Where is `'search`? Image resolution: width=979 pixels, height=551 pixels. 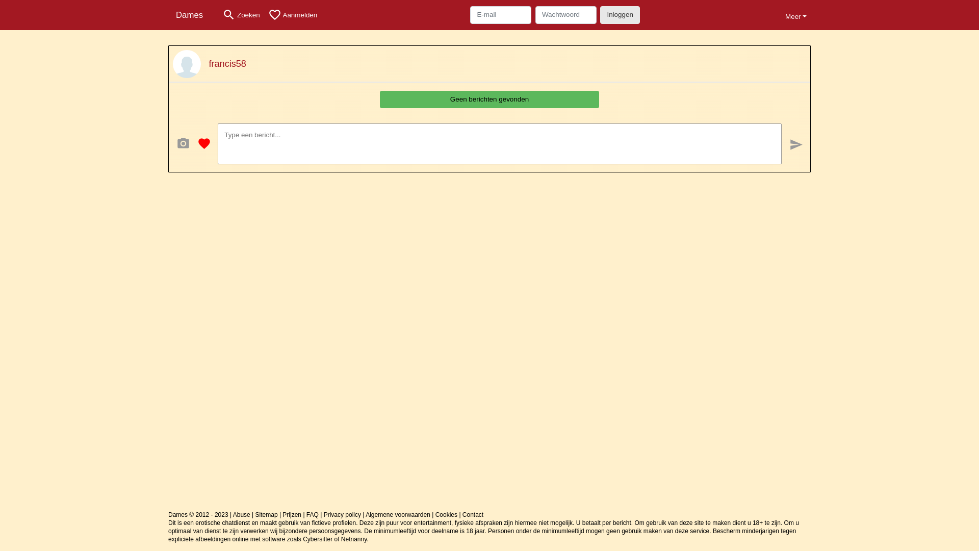 'search is located at coordinates (217, 15).